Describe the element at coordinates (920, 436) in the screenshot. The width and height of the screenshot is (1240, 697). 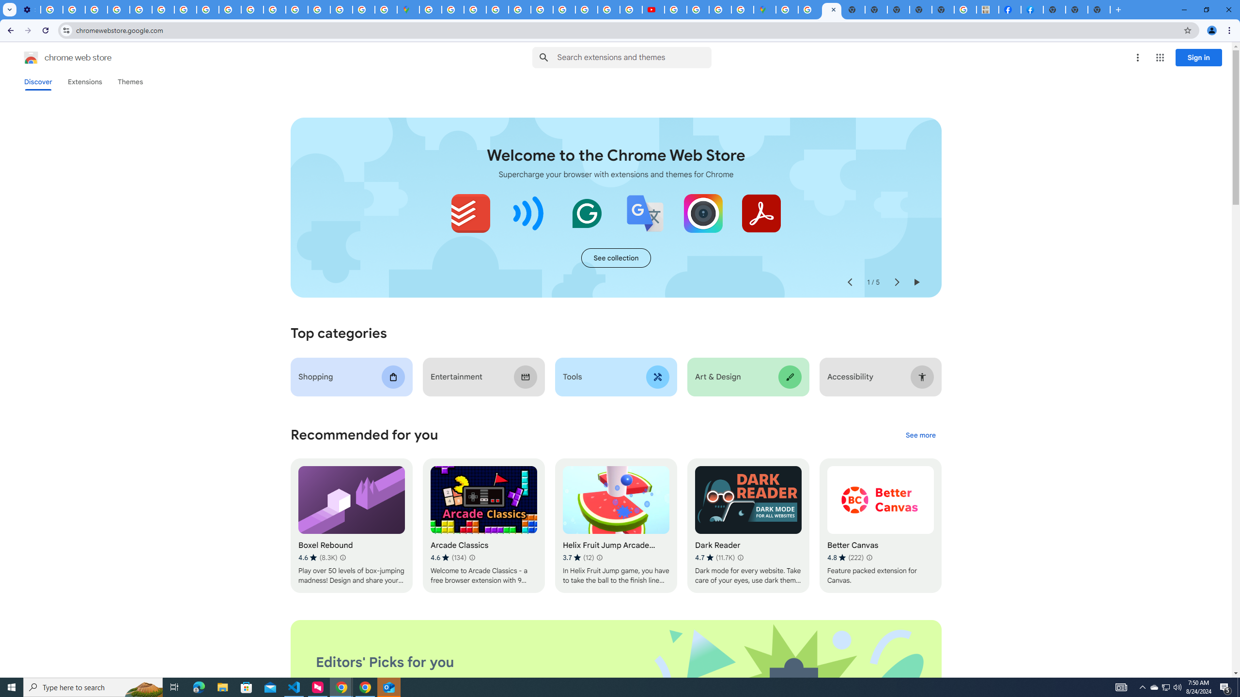
I see `'See more personalized recommendations'` at that location.